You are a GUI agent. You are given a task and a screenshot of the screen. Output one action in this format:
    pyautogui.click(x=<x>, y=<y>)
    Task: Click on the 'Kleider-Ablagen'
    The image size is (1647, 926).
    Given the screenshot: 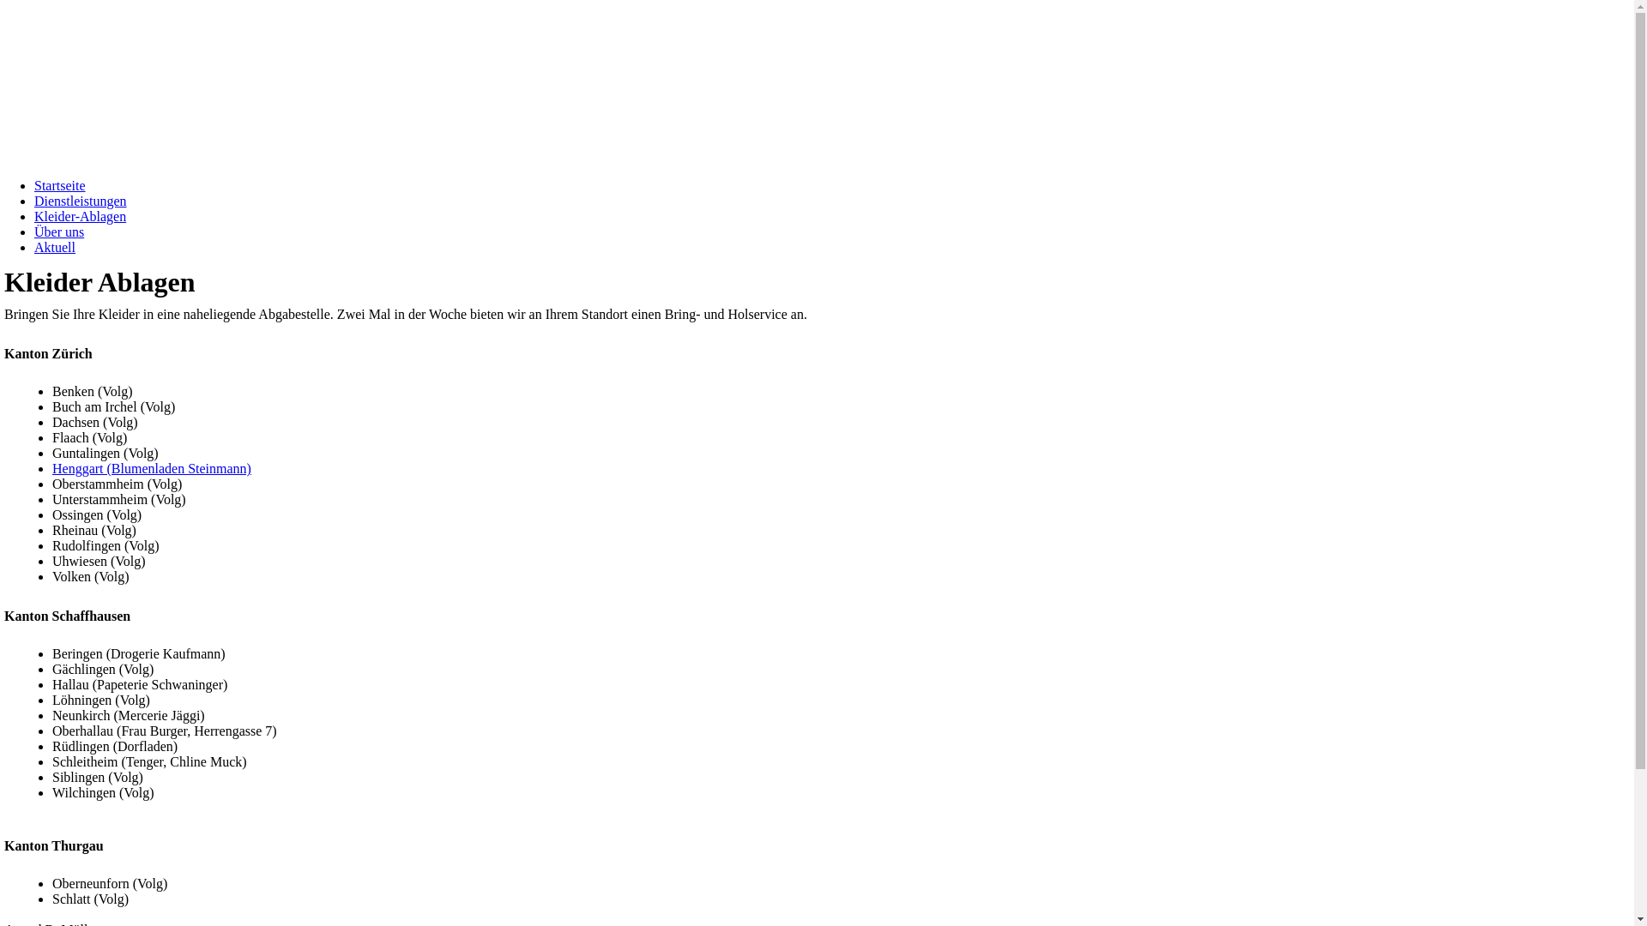 What is the action you would take?
    pyautogui.click(x=79, y=215)
    